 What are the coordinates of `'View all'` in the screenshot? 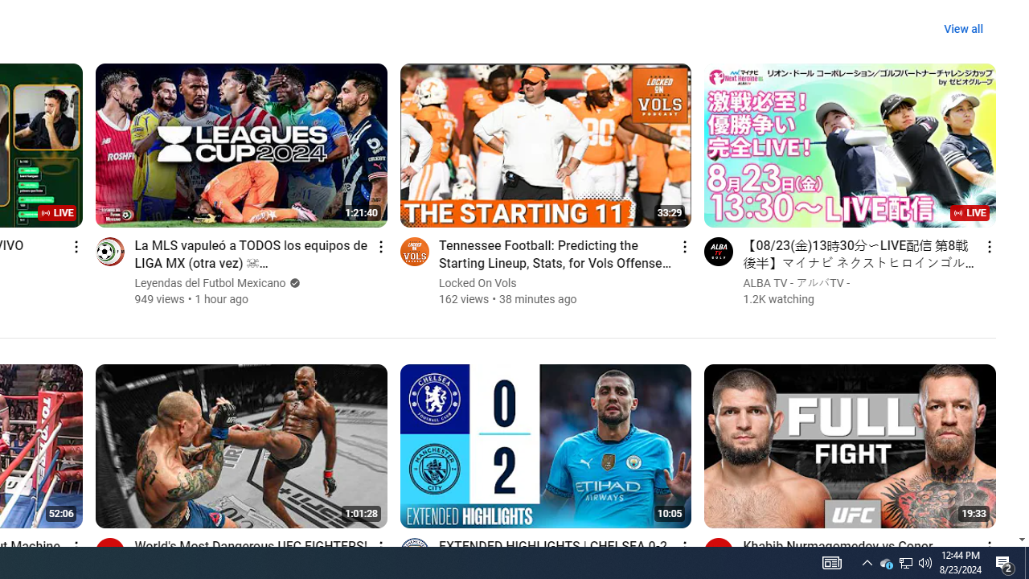 It's located at (963, 29).